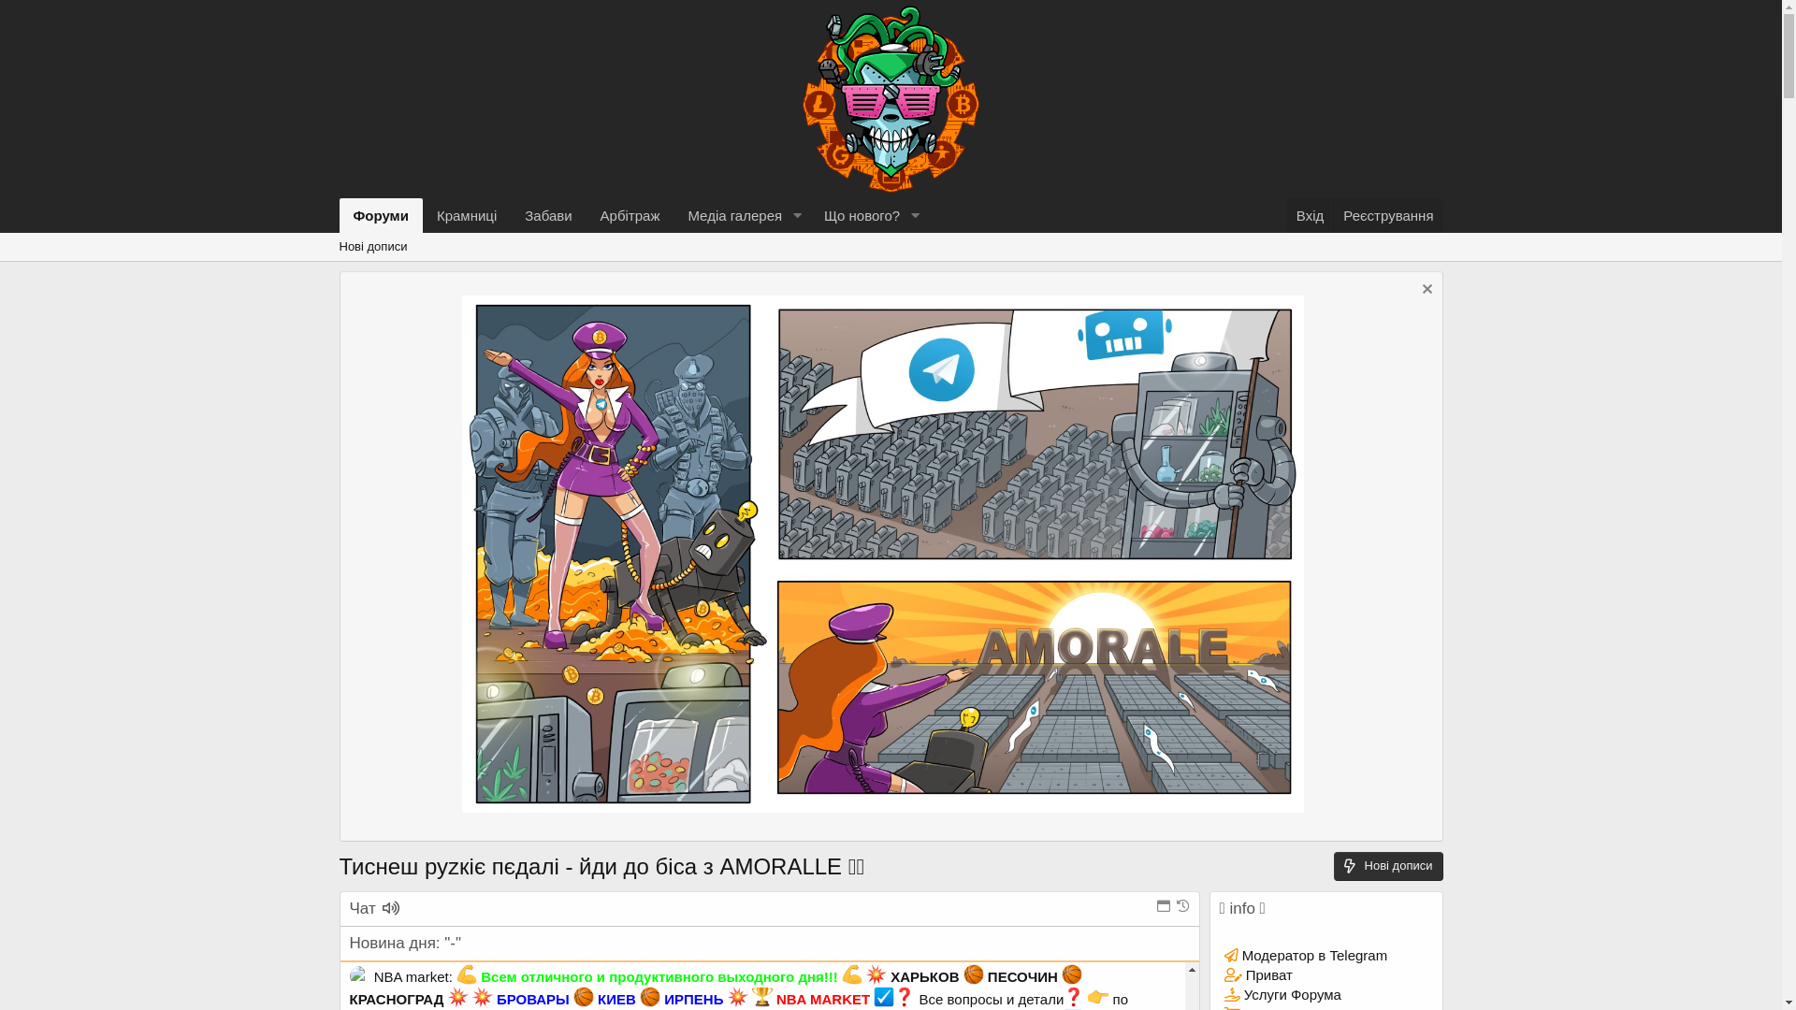 Image resolution: width=1796 pixels, height=1010 pixels. I want to click on 'Backhand index pointing right    :point_right:', so click(1098, 995).